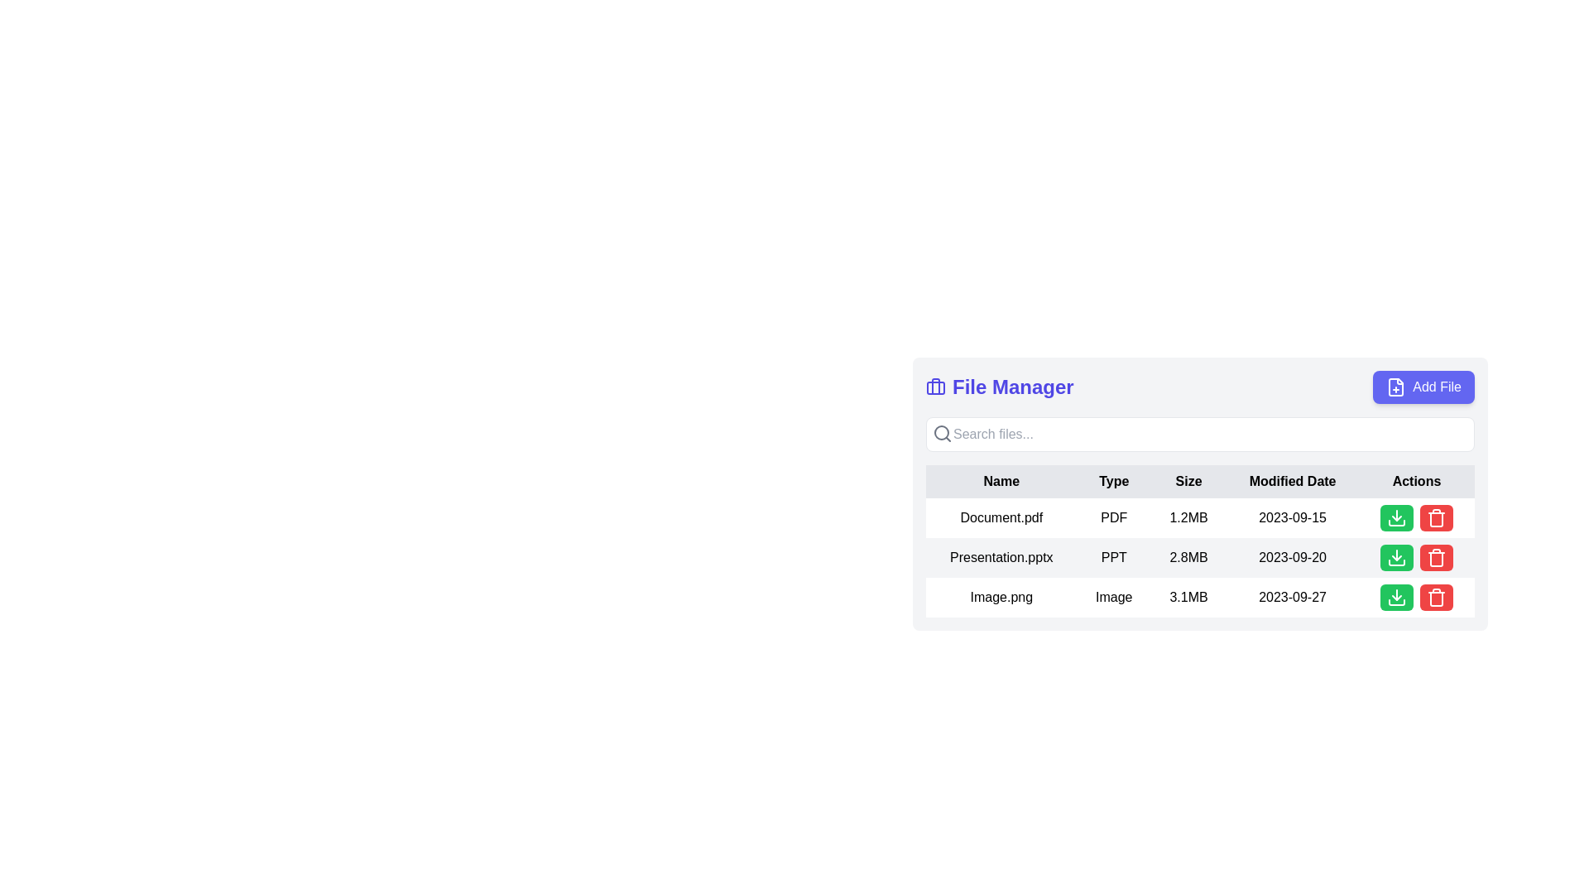 The image size is (1589, 894). What do you see at coordinates (1416, 597) in the screenshot?
I see `the green download button in the actions column of the third row to initiate the download of 'Image.png'` at bounding box center [1416, 597].